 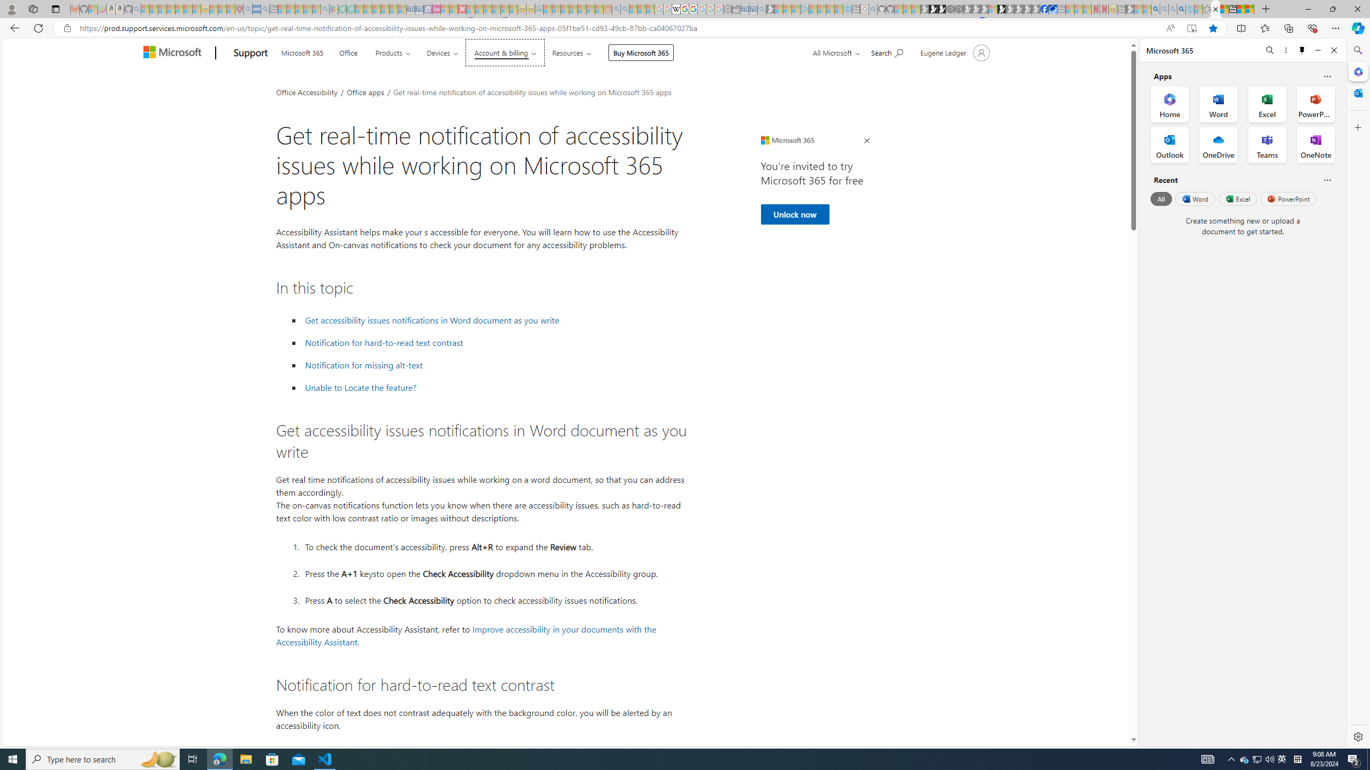 What do you see at coordinates (796, 9) in the screenshot?
I see `'Microsoft account | Privacy - Sleeping'` at bounding box center [796, 9].